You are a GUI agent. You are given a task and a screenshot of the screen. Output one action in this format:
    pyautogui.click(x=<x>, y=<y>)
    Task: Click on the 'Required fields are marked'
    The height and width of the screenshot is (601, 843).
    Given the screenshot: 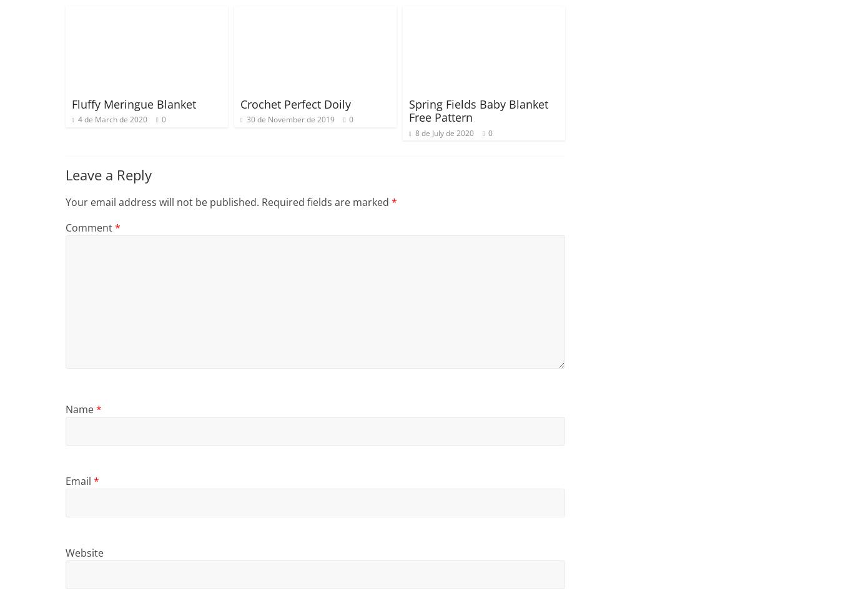 What is the action you would take?
    pyautogui.click(x=325, y=202)
    